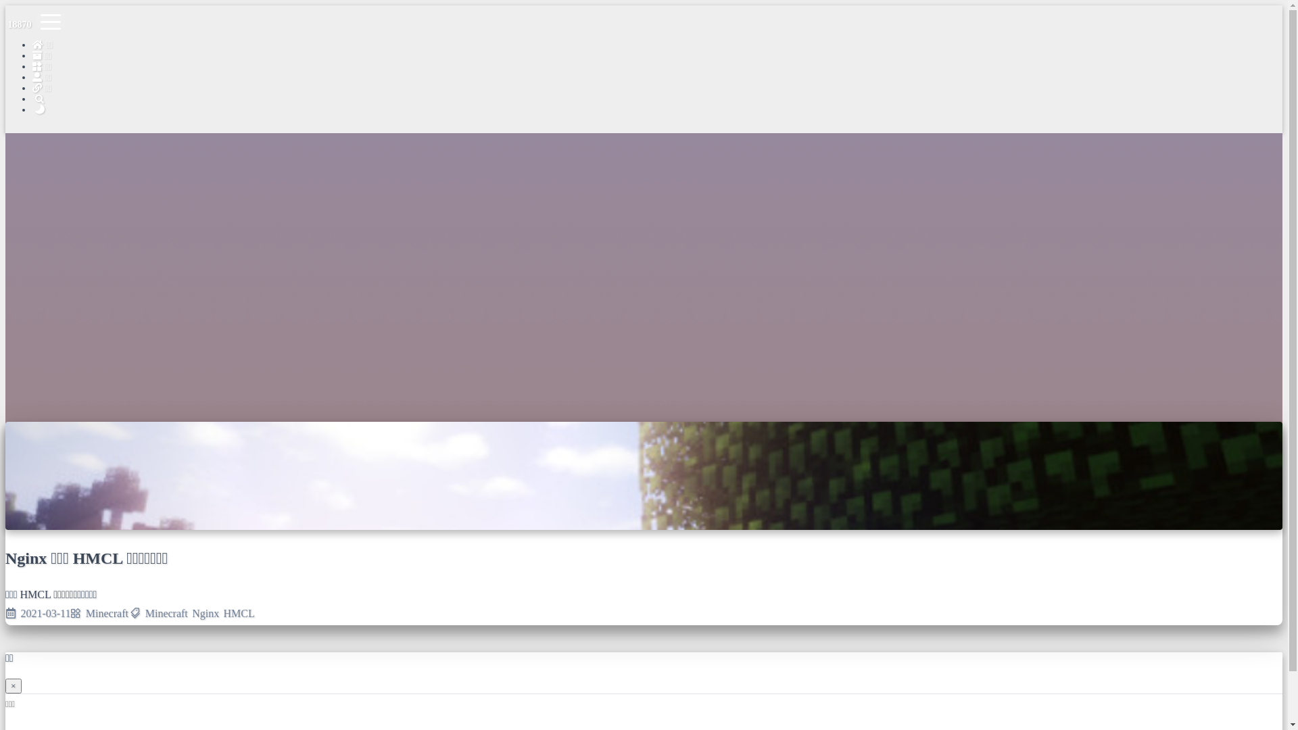 The height and width of the screenshot is (730, 1298). I want to click on 'Minecraft', so click(85, 613).